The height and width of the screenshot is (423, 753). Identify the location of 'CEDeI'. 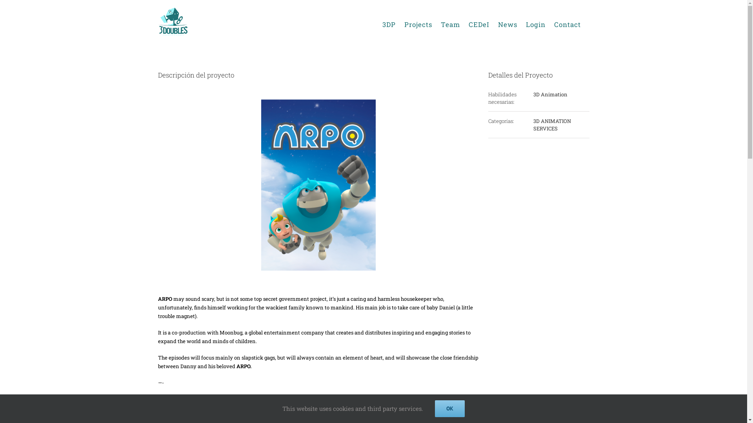
(468, 24).